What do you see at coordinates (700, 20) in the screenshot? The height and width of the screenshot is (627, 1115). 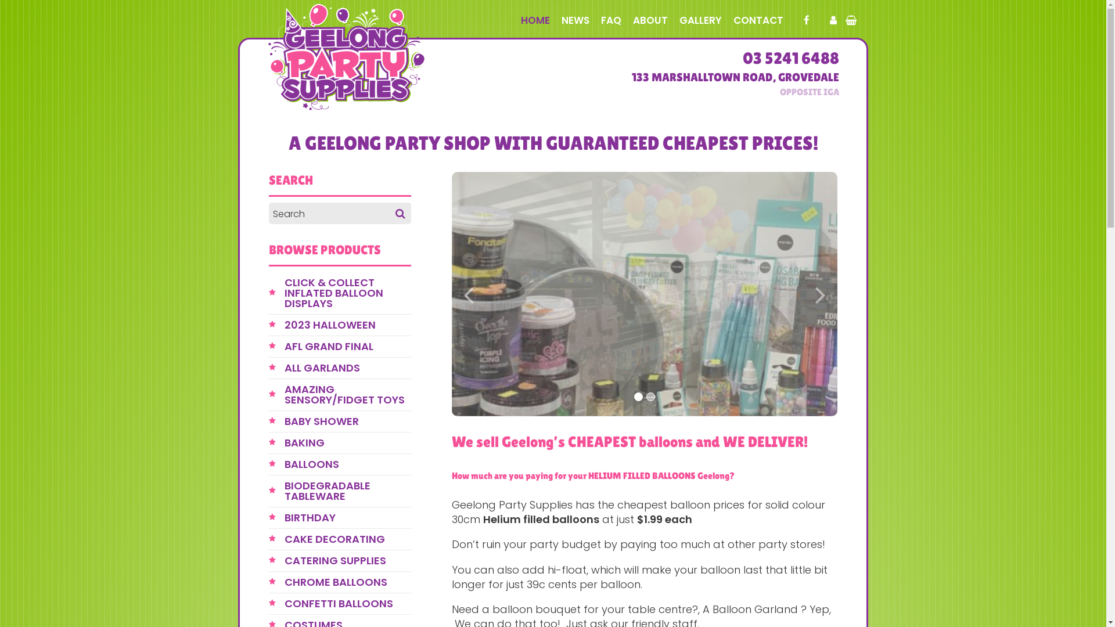 I see `'GALLERY'` at bounding box center [700, 20].